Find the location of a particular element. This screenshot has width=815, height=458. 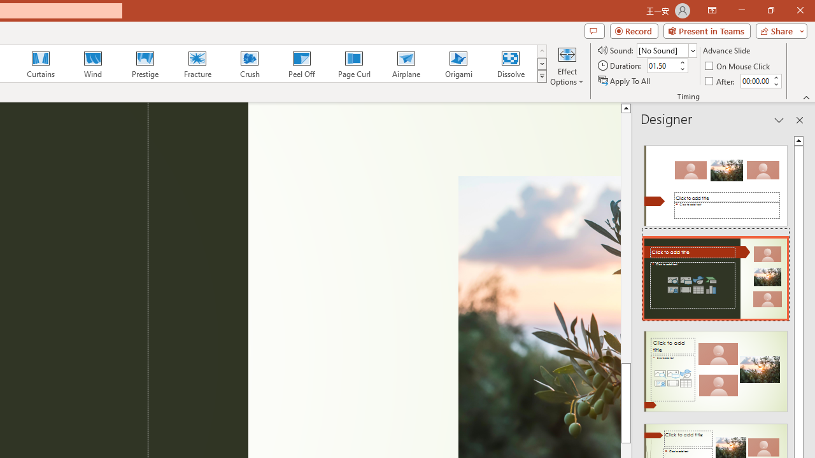

'Dissolve' is located at coordinates (511, 64).